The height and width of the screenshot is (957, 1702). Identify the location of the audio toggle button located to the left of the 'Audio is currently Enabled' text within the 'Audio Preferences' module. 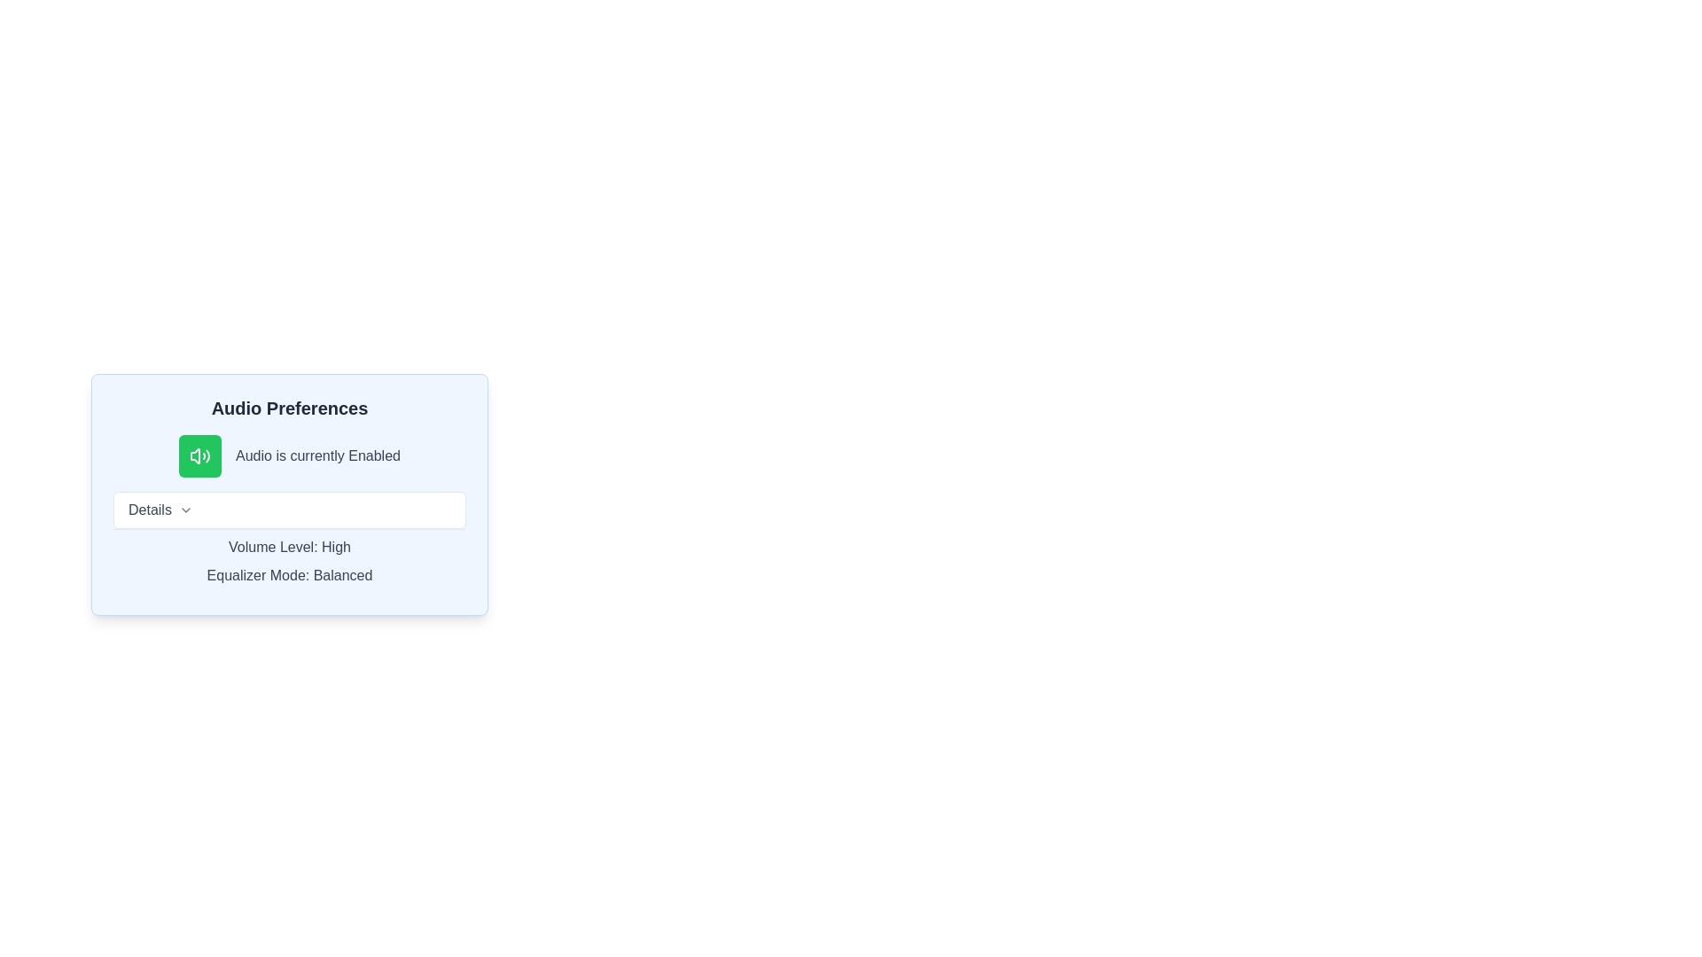
(199, 455).